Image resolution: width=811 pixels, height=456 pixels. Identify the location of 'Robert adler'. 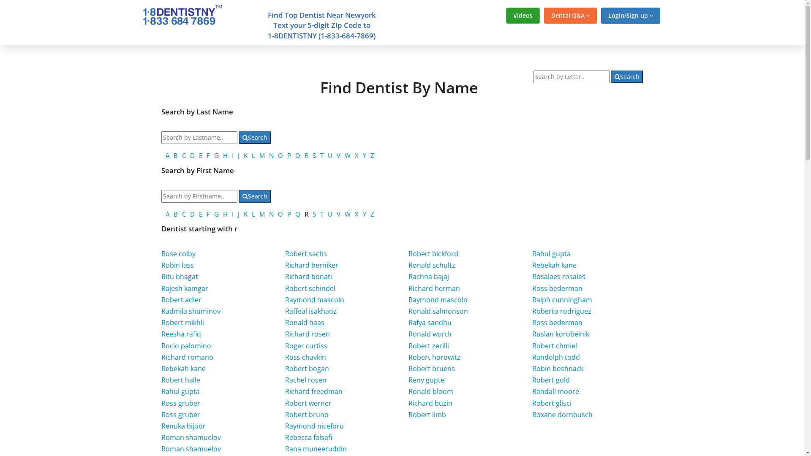
(161, 299).